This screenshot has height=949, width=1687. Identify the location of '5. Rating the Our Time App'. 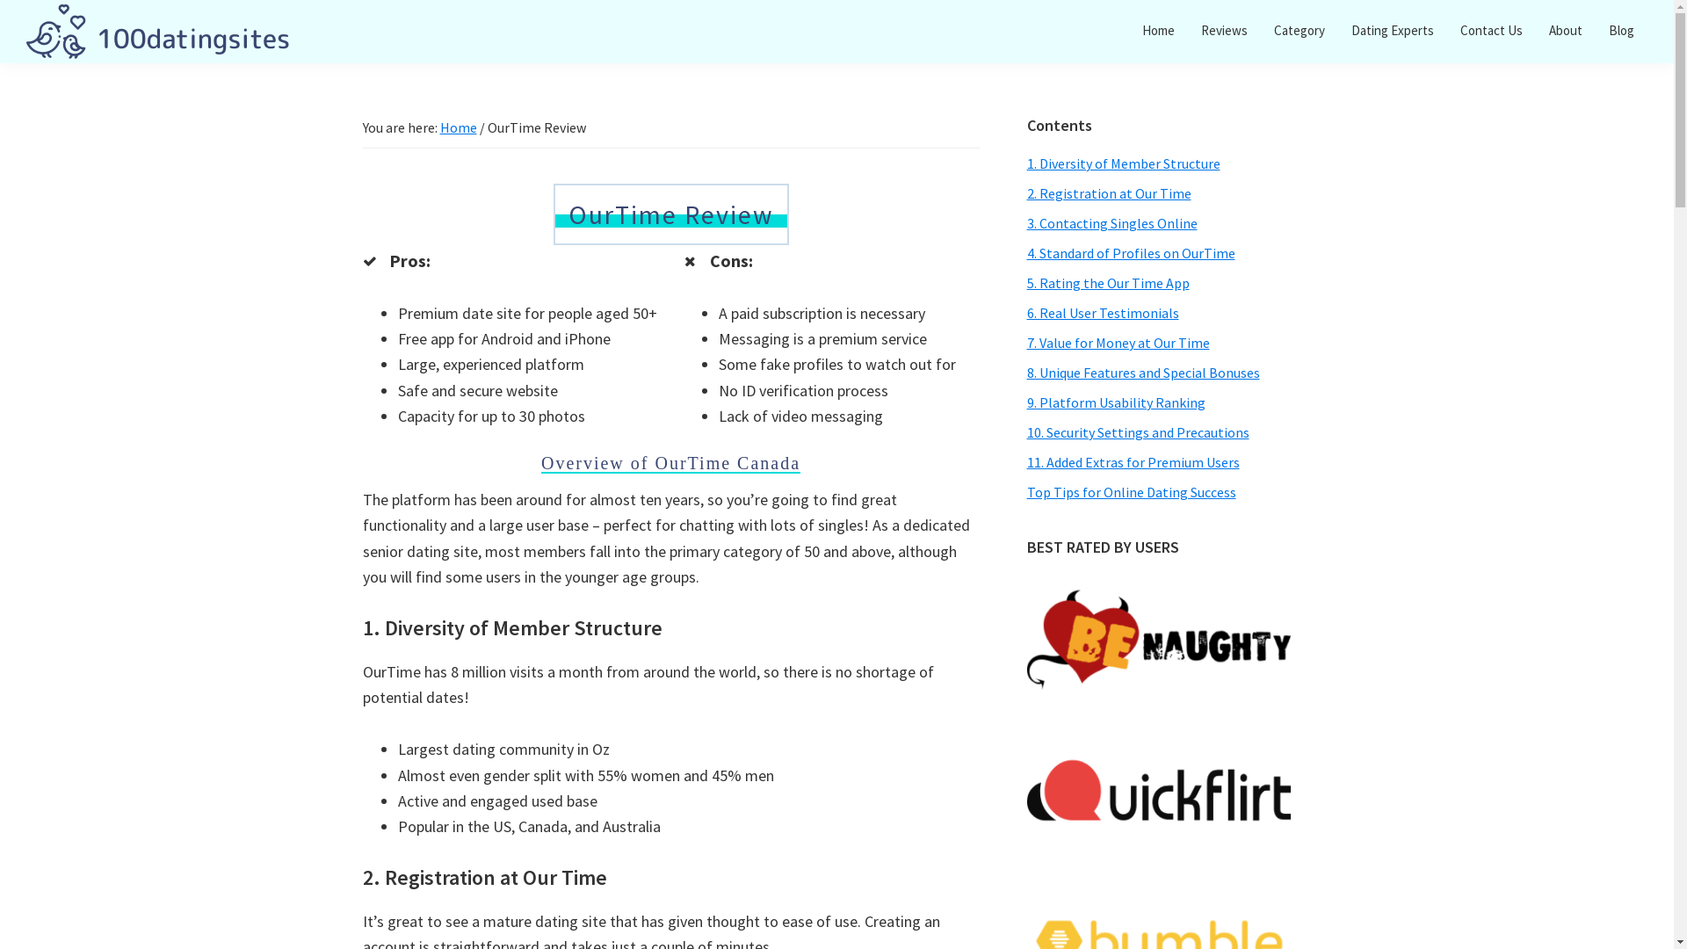
(1106, 281).